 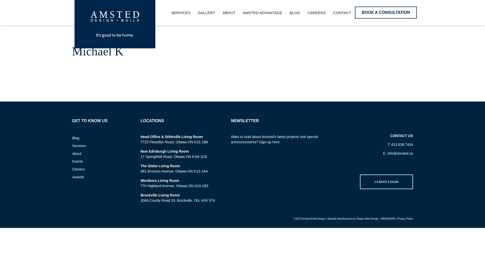 What do you see at coordinates (174, 171) in the screenshot?
I see `'681 Bronson Avenue, Ottawa ON K1S 2A4'` at bounding box center [174, 171].